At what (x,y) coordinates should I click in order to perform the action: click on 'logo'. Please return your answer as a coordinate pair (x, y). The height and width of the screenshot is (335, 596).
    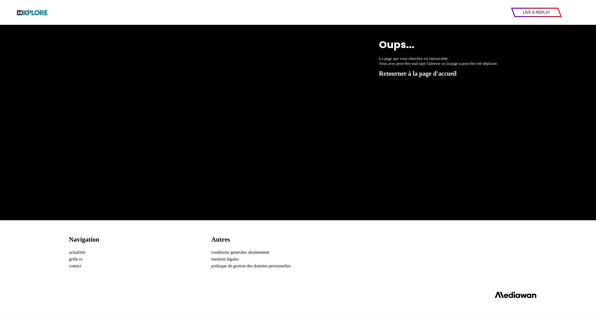
    Looking at the image, I should click on (32, 12).